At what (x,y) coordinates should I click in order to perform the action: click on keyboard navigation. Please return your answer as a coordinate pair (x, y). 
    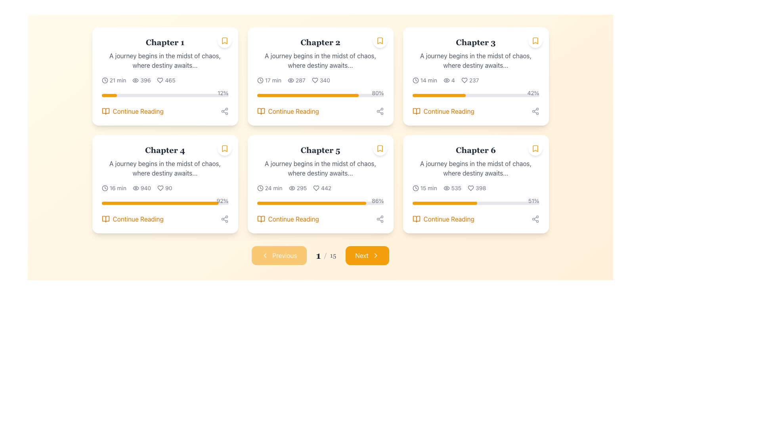
    Looking at the image, I should click on (287, 219).